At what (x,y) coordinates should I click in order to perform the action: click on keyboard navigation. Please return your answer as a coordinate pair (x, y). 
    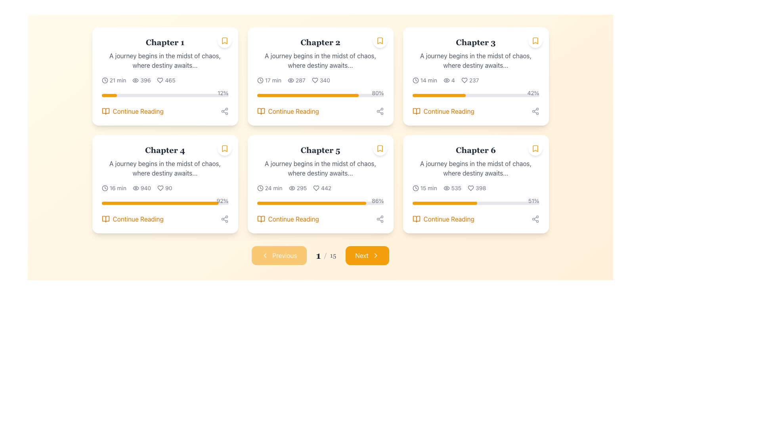
    Looking at the image, I should click on (287, 219).